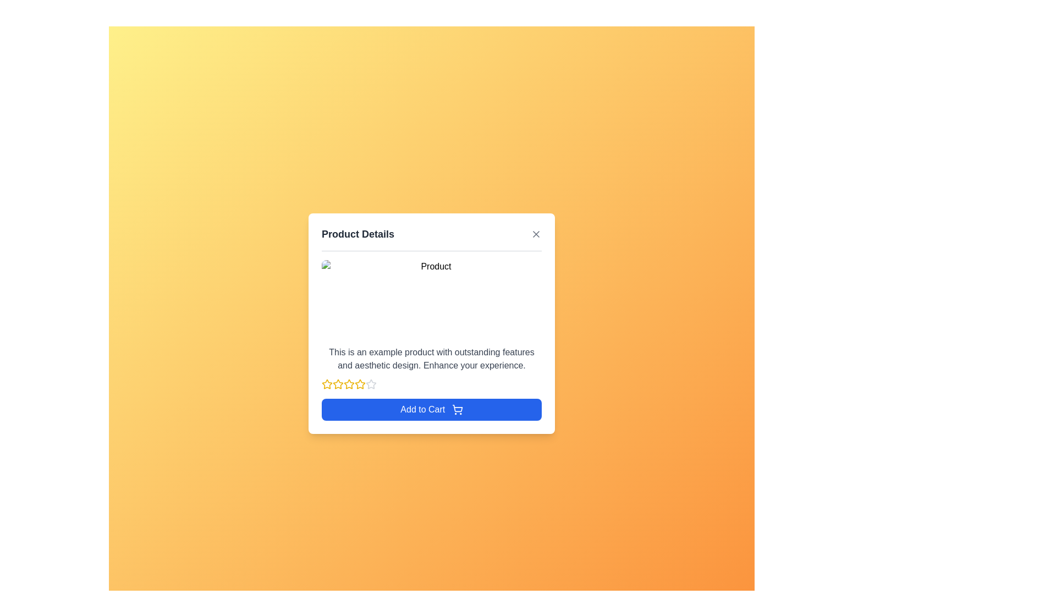 The width and height of the screenshot is (1056, 594). Describe the element at coordinates (431, 383) in the screenshot. I see `the Rating display component, which consists of five star icons, four filled in yellow and one outlined in gray, located in the 'Product Details' section` at that location.